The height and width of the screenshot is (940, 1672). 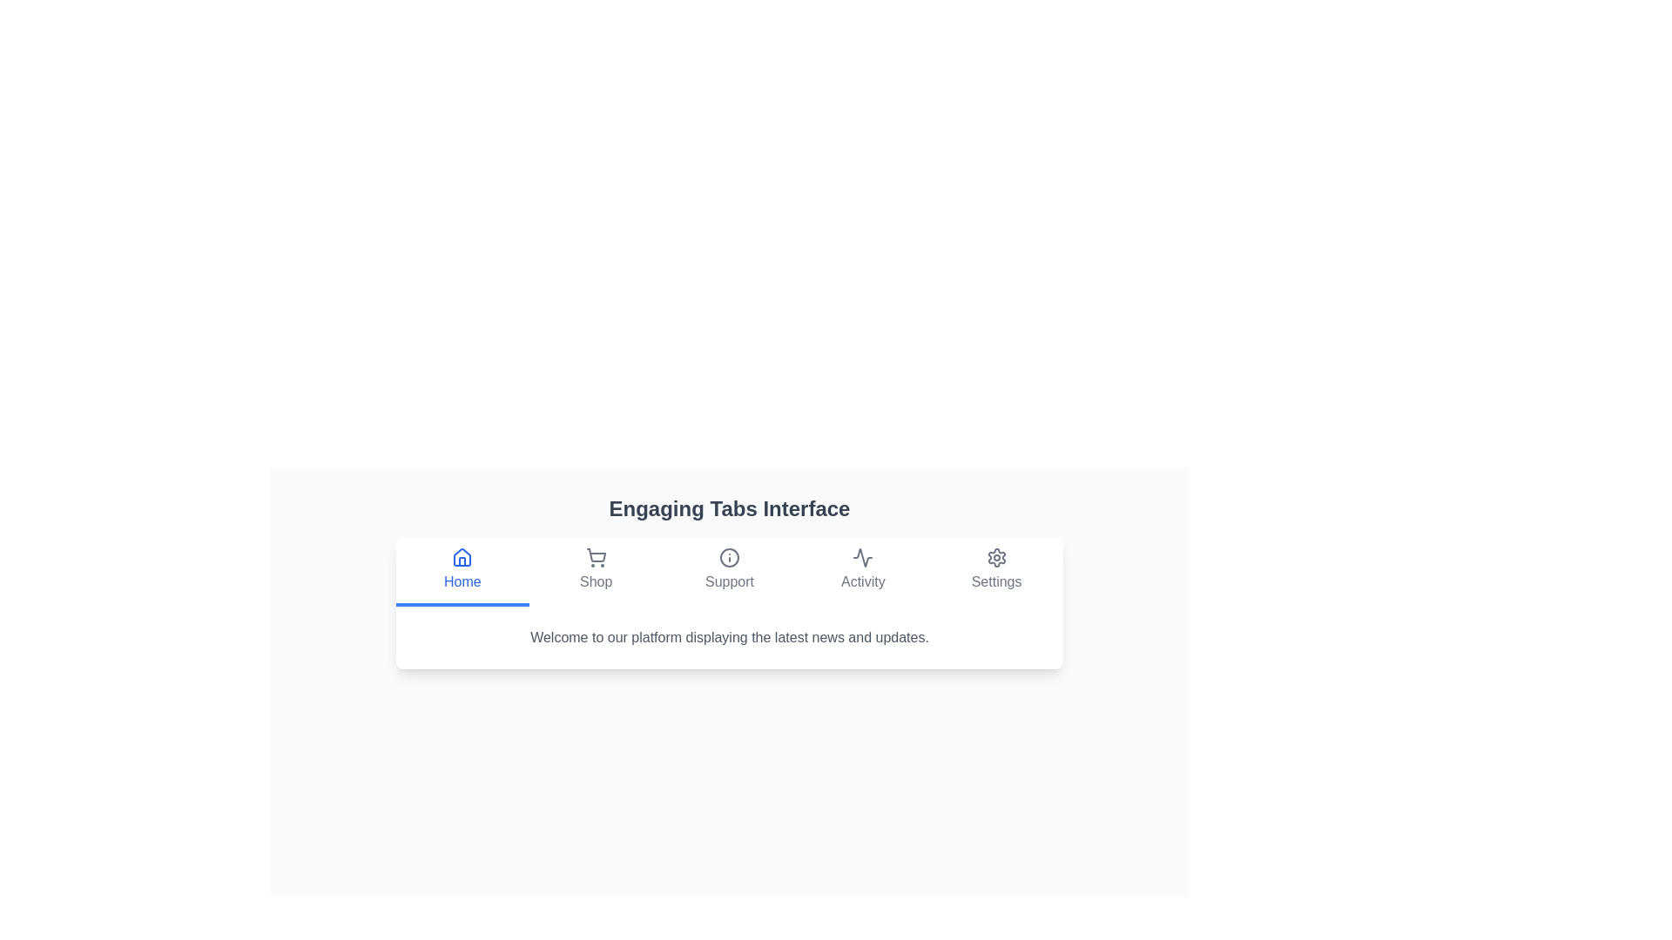 What do you see at coordinates (730, 509) in the screenshot?
I see `the text label that reads 'Engaging Tabs Interface', which is styled in bold, large font and dark gray color, positioned above the tabbed navigation bar` at bounding box center [730, 509].